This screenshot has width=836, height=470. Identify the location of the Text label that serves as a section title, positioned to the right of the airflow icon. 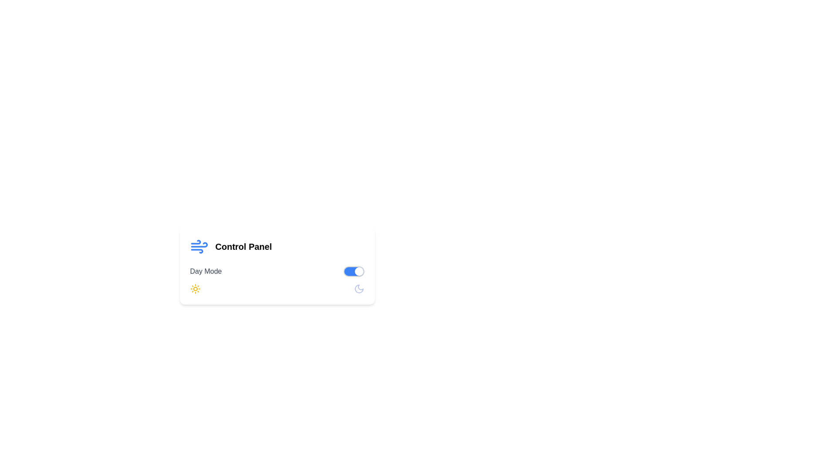
(243, 247).